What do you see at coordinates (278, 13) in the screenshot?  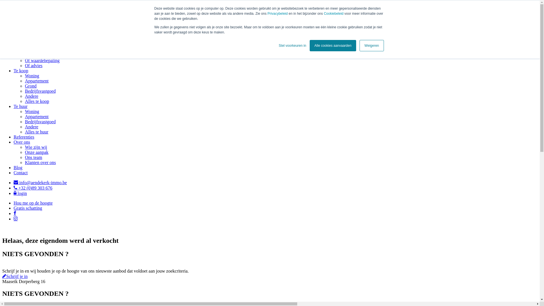 I see `'Privacybeleid'` at bounding box center [278, 13].